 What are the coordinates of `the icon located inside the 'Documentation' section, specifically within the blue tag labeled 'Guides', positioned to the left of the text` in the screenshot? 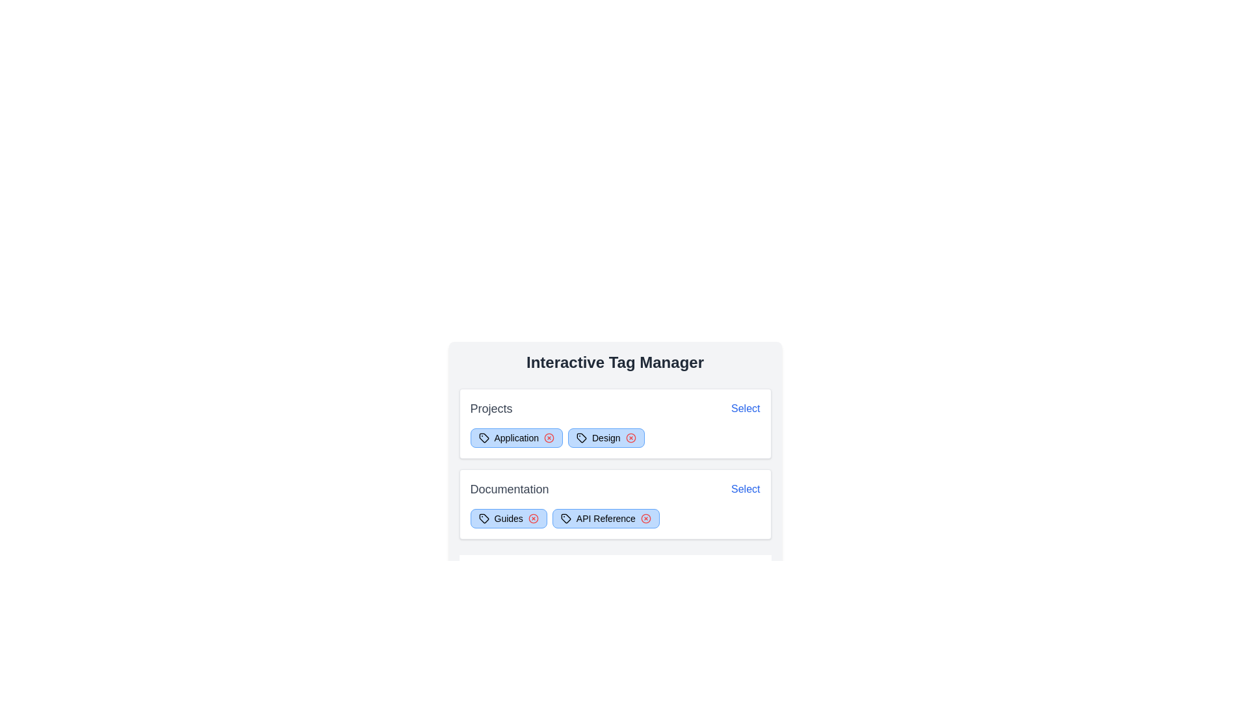 It's located at (483, 518).